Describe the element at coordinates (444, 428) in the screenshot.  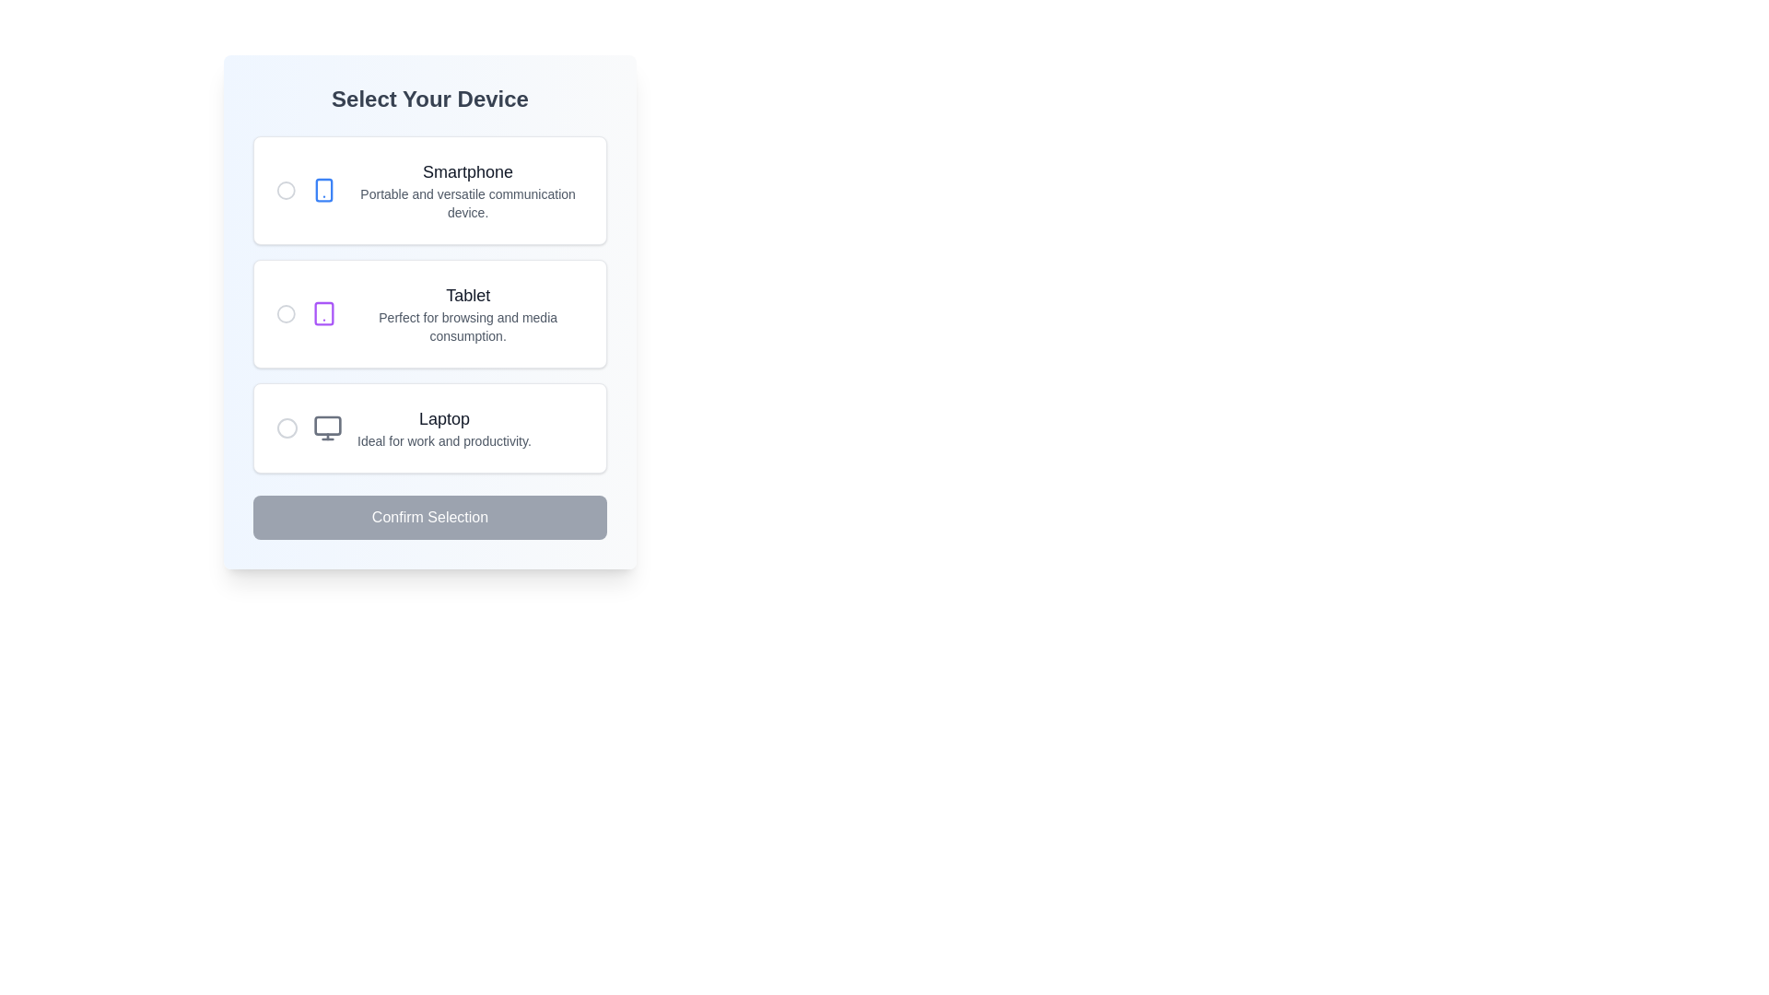
I see `the text element displaying 'Laptop' with a description 'Ideal for work and productivity', located in the third item of the list of selectable devices` at that location.